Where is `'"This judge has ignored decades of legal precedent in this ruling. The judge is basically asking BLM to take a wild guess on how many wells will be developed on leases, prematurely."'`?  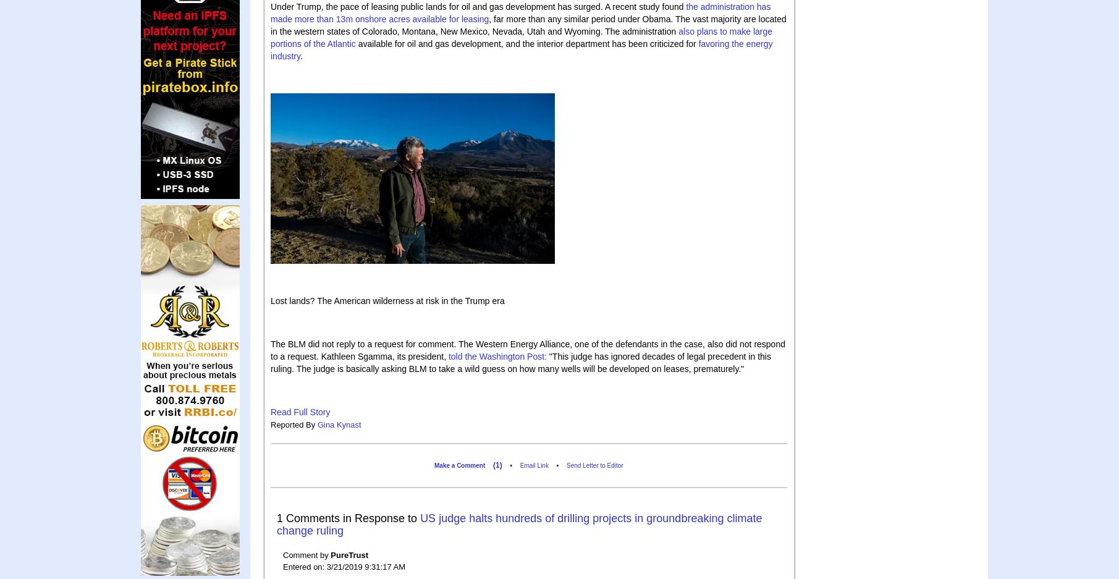
'"This judge has ignored decades of legal precedent in this ruling. The judge is basically asking BLM to take a wild guess on how many wells will be developed on leases, prematurely."' is located at coordinates (520, 361).